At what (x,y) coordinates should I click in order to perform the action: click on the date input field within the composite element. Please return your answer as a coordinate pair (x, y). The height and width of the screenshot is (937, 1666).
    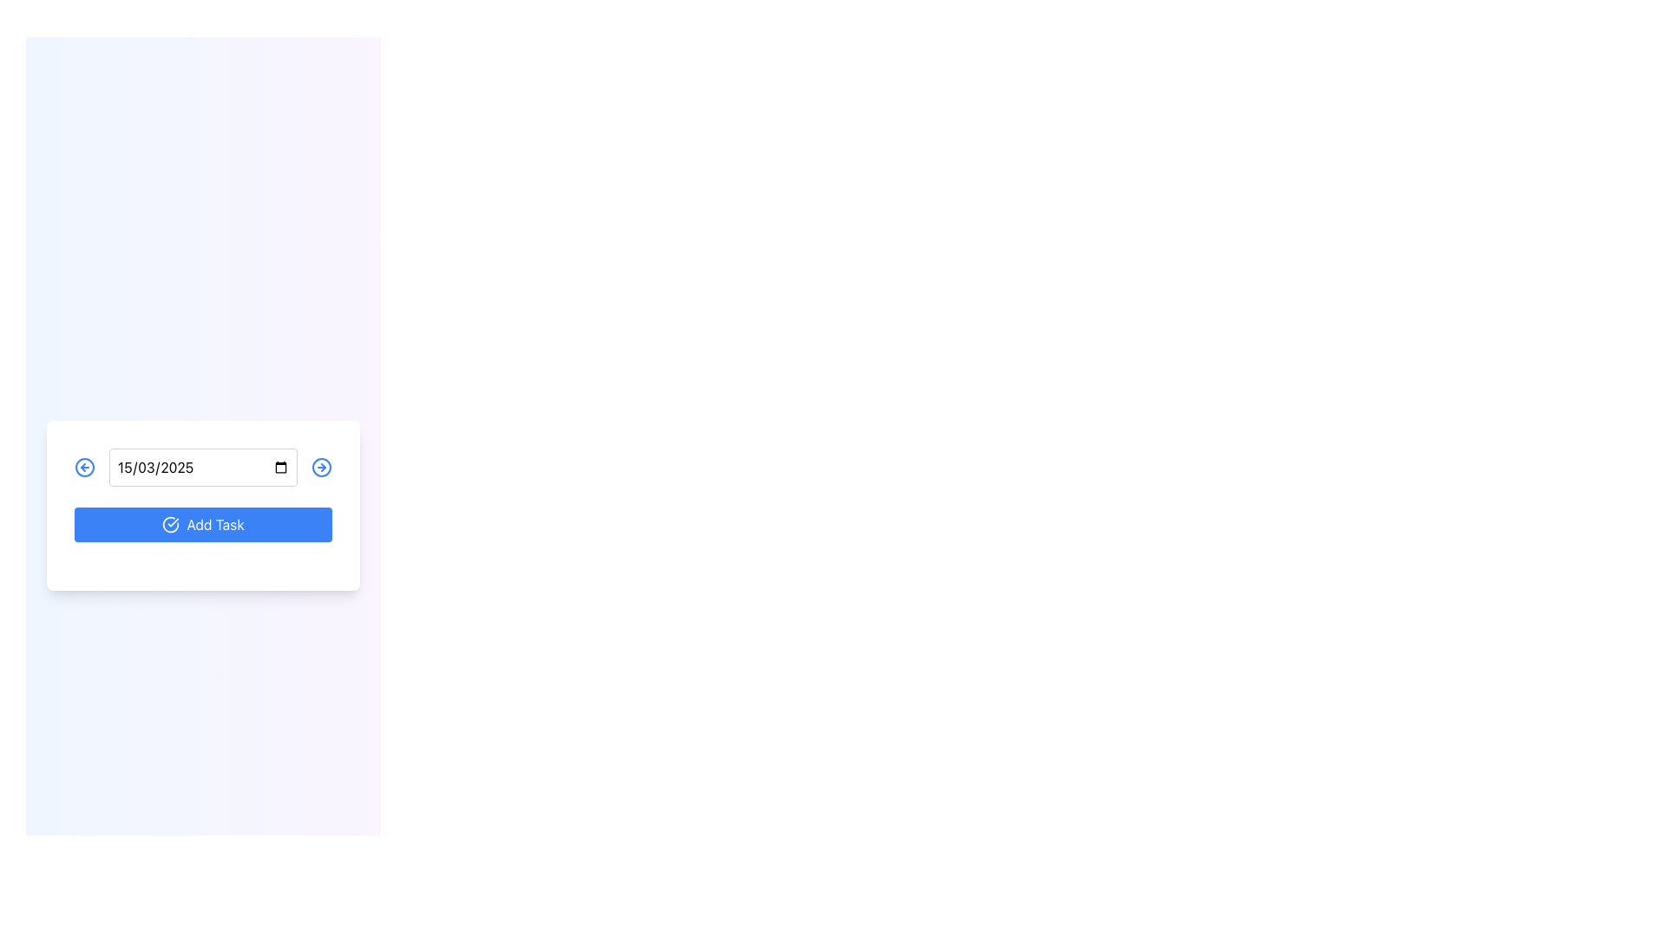
    Looking at the image, I should click on (203, 467).